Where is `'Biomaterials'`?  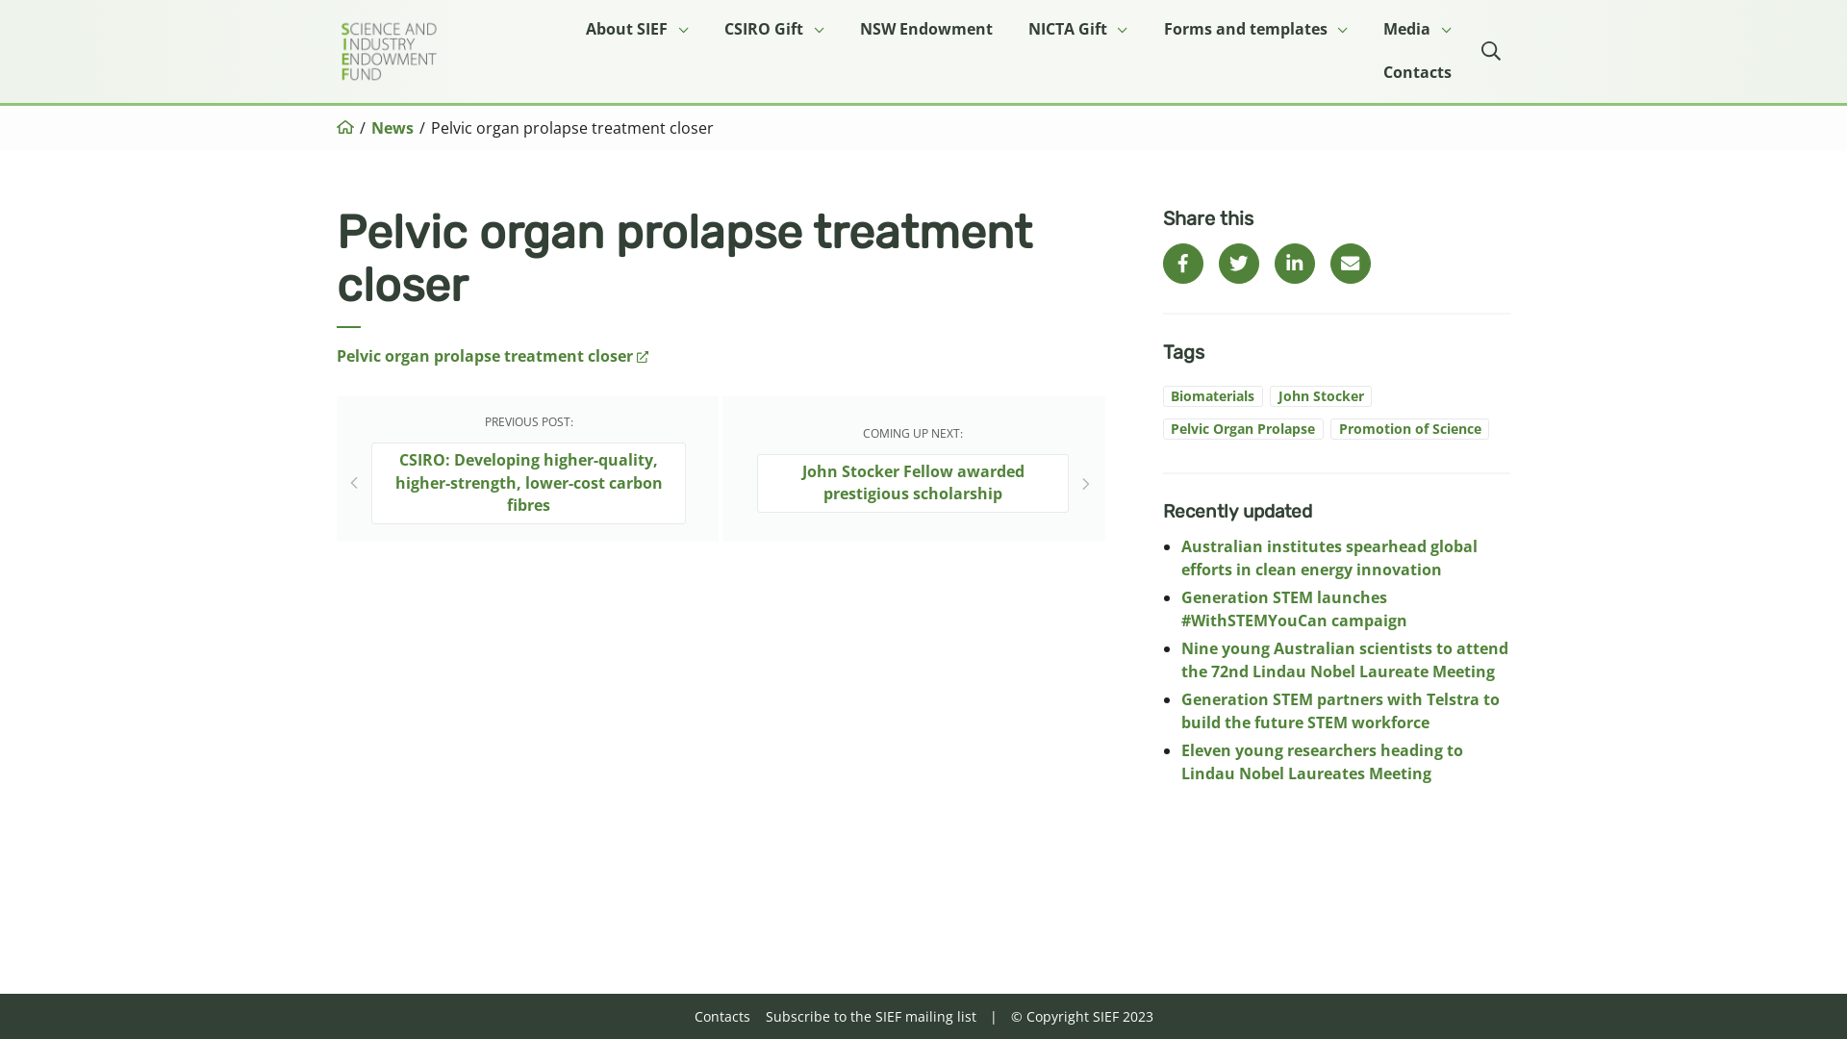 'Biomaterials' is located at coordinates (1162, 395).